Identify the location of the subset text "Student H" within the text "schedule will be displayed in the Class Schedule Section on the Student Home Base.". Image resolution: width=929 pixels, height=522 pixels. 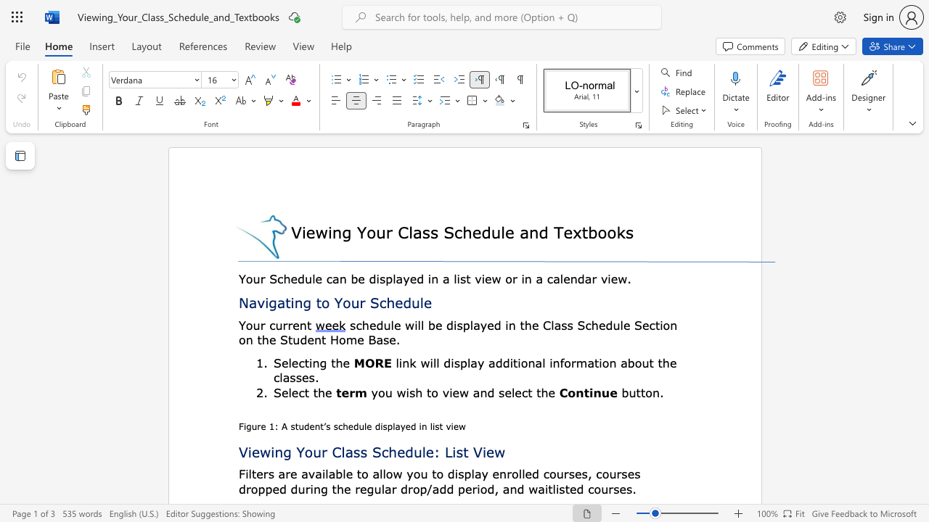
(280, 339).